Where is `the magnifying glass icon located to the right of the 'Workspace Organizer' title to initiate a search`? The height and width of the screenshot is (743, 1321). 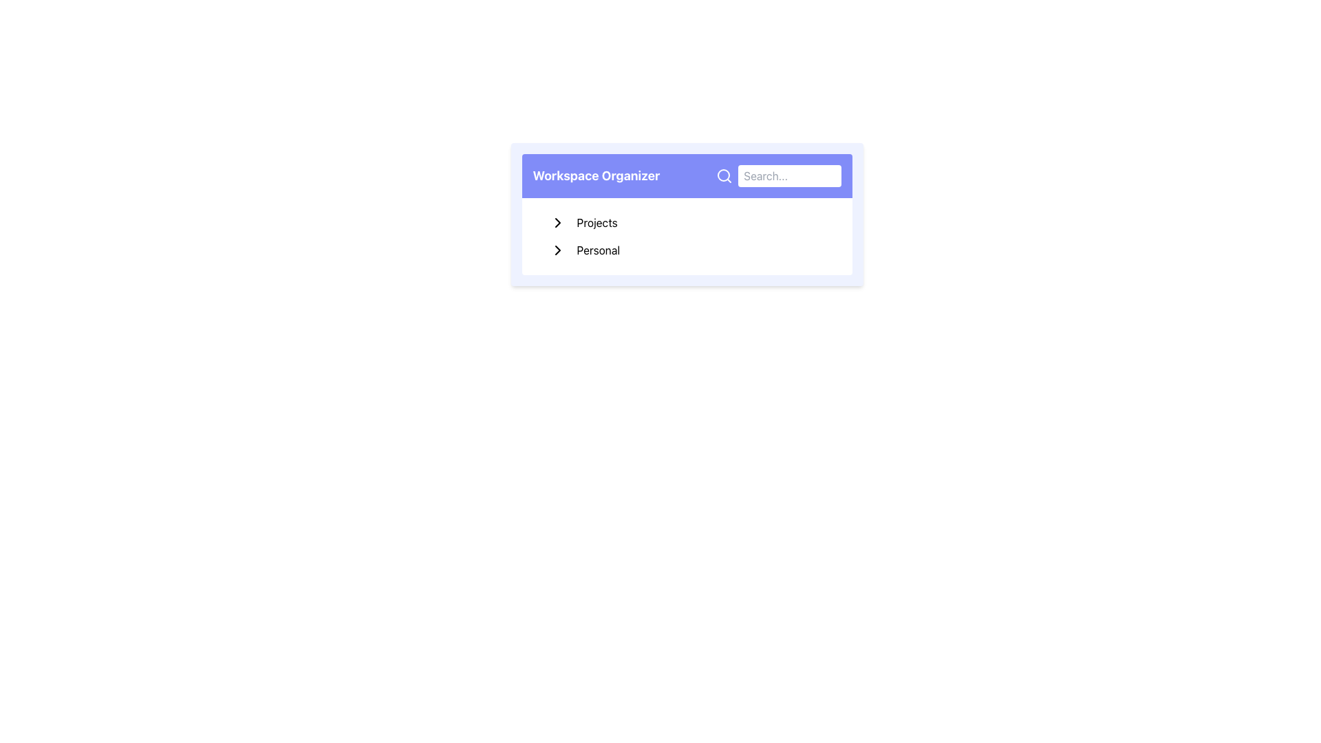 the magnifying glass icon located to the right of the 'Workspace Organizer' title to initiate a search is located at coordinates (724, 175).